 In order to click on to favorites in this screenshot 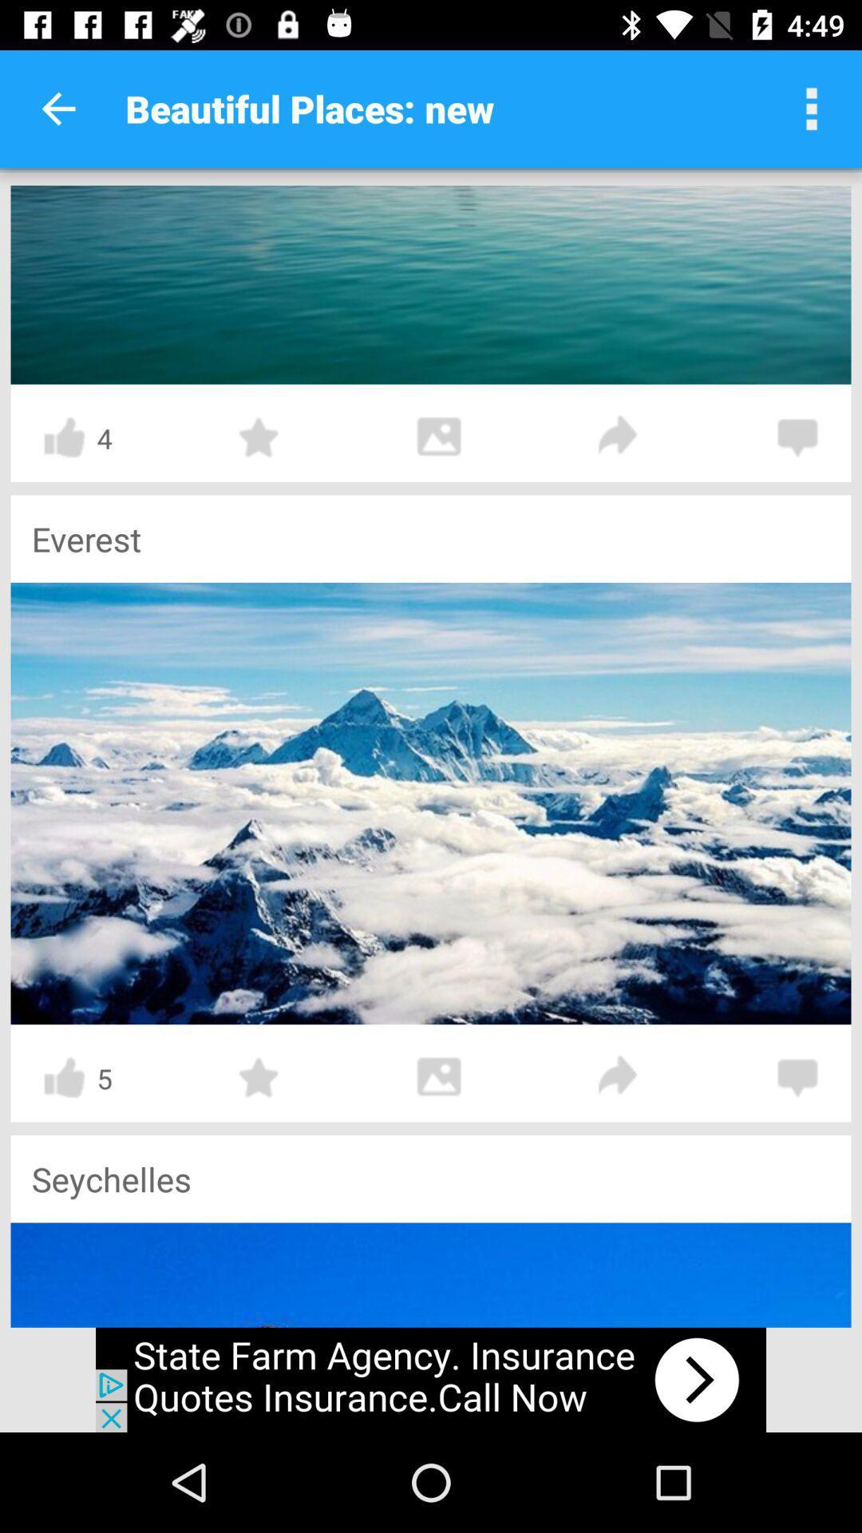, I will do `click(259, 438)`.